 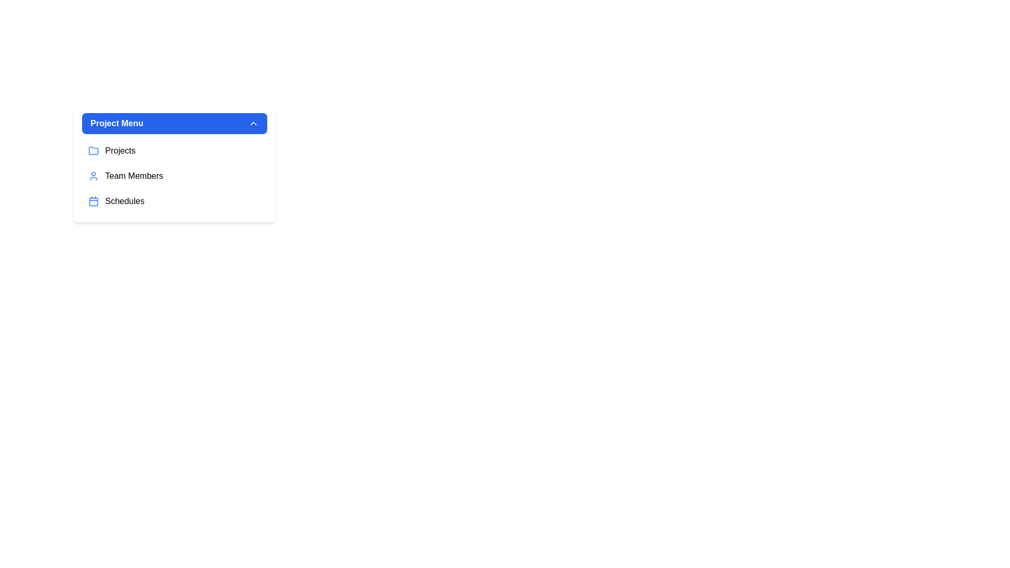 I want to click on the menu item Team Members to highlight it, so click(x=174, y=176).